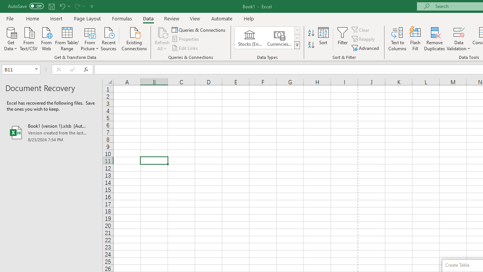 This screenshot has width=483, height=272. What do you see at coordinates (29, 38) in the screenshot?
I see `'From Text/CSV'` at bounding box center [29, 38].